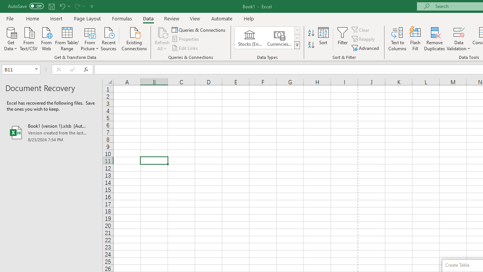 This screenshot has width=483, height=272. What do you see at coordinates (29, 38) in the screenshot?
I see `'From Text/CSV'` at bounding box center [29, 38].